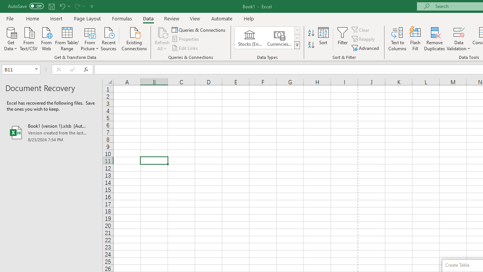 This screenshot has width=483, height=272. What do you see at coordinates (29, 38) in the screenshot?
I see `'From Text/CSV'` at bounding box center [29, 38].